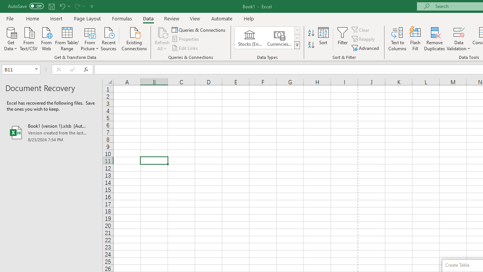 This screenshot has width=483, height=272. What do you see at coordinates (29, 38) in the screenshot?
I see `'From Text/CSV'` at bounding box center [29, 38].